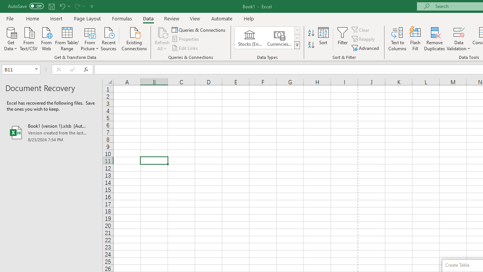 This screenshot has width=483, height=272. What do you see at coordinates (29, 38) in the screenshot?
I see `'From Text/CSV'` at bounding box center [29, 38].